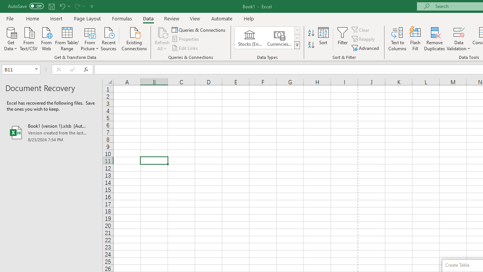 This screenshot has width=483, height=272. What do you see at coordinates (29, 38) in the screenshot?
I see `'From Text/CSV'` at bounding box center [29, 38].